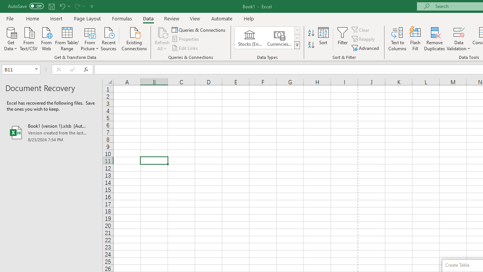 This screenshot has width=483, height=272. What do you see at coordinates (29, 38) in the screenshot?
I see `'From Text/CSV'` at bounding box center [29, 38].